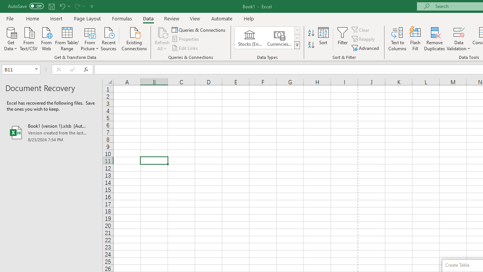 This screenshot has width=483, height=272. What do you see at coordinates (29, 38) in the screenshot?
I see `'From Text/CSV'` at bounding box center [29, 38].